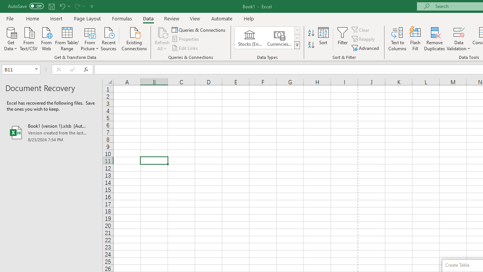 This screenshot has width=483, height=272. What do you see at coordinates (29, 38) in the screenshot?
I see `'From Text/CSV'` at bounding box center [29, 38].